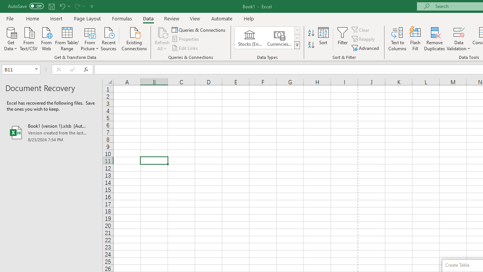 This screenshot has width=483, height=272. What do you see at coordinates (29, 38) in the screenshot?
I see `'From Text/CSV'` at bounding box center [29, 38].